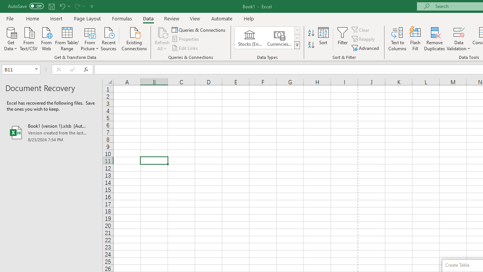 This screenshot has width=483, height=272. What do you see at coordinates (29, 38) in the screenshot?
I see `'From Text/CSV'` at bounding box center [29, 38].